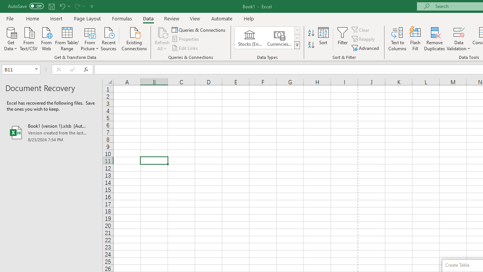 This screenshot has width=483, height=272. What do you see at coordinates (29, 38) in the screenshot?
I see `'From Text/CSV'` at bounding box center [29, 38].